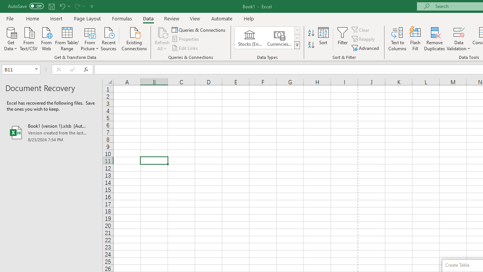 This screenshot has width=483, height=272. What do you see at coordinates (29, 38) in the screenshot?
I see `'From Text/CSV'` at bounding box center [29, 38].